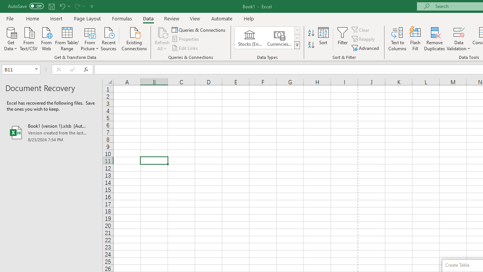 This screenshot has width=483, height=272. What do you see at coordinates (29, 38) in the screenshot?
I see `'From Text/CSV'` at bounding box center [29, 38].